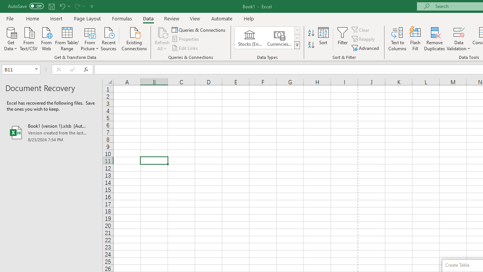 This screenshot has width=483, height=272. What do you see at coordinates (29, 38) in the screenshot?
I see `'From Text/CSV'` at bounding box center [29, 38].